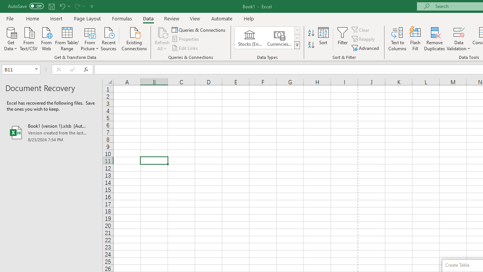 This screenshot has width=483, height=272. What do you see at coordinates (29, 38) in the screenshot?
I see `'From Text/CSV'` at bounding box center [29, 38].